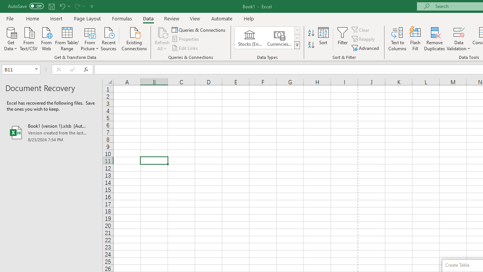 This screenshot has width=483, height=272. What do you see at coordinates (29, 38) in the screenshot?
I see `'From Text/CSV'` at bounding box center [29, 38].